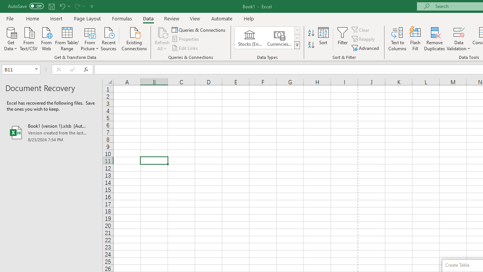 This screenshot has width=483, height=272. What do you see at coordinates (29, 38) in the screenshot?
I see `'From Text/CSV'` at bounding box center [29, 38].